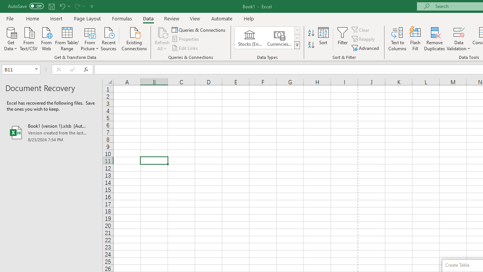 This screenshot has width=483, height=272. What do you see at coordinates (29, 38) in the screenshot?
I see `'From Text/CSV'` at bounding box center [29, 38].